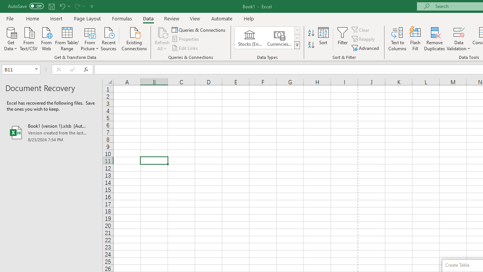 This screenshot has width=483, height=272. What do you see at coordinates (29, 38) in the screenshot?
I see `'From Text/CSV'` at bounding box center [29, 38].